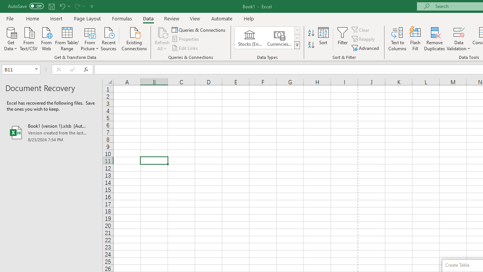 This screenshot has width=483, height=272. What do you see at coordinates (29, 38) in the screenshot?
I see `'From Text/CSV'` at bounding box center [29, 38].